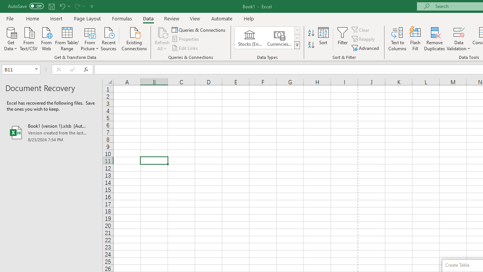 This screenshot has width=483, height=272. What do you see at coordinates (29, 38) in the screenshot?
I see `'From Text/CSV'` at bounding box center [29, 38].